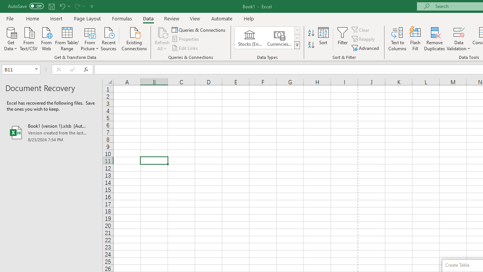 This screenshot has width=483, height=272. What do you see at coordinates (29, 38) in the screenshot?
I see `'From Text/CSV'` at bounding box center [29, 38].